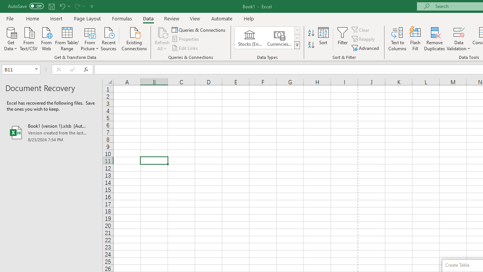 This screenshot has width=483, height=272. What do you see at coordinates (29, 38) in the screenshot?
I see `'From Text/CSV'` at bounding box center [29, 38].